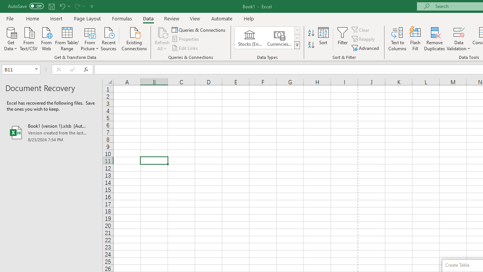 This screenshot has width=483, height=272. What do you see at coordinates (29, 38) in the screenshot?
I see `'From Text/CSV'` at bounding box center [29, 38].